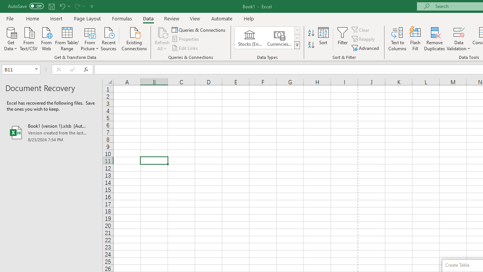 This screenshot has width=483, height=272. What do you see at coordinates (29, 38) in the screenshot?
I see `'From Text/CSV'` at bounding box center [29, 38].